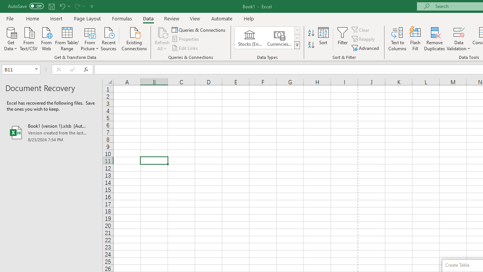 This screenshot has width=483, height=272. What do you see at coordinates (29, 38) in the screenshot?
I see `'From Text/CSV'` at bounding box center [29, 38].